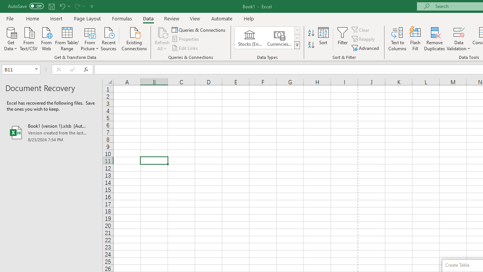 This screenshot has width=483, height=272. What do you see at coordinates (29, 38) in the screenshot?
I see `'From Text/CSV'` at bounding box center [29, 38].